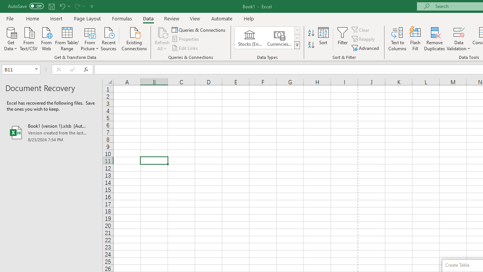 This screenshot has width=483, height=272. What do you see at coordinates (29, 38) in the screenshot?
I see `'From Text/CSV'` at bounding box center [29, 38].